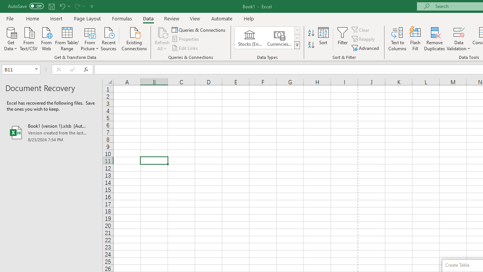 This screenshot has width=483, height=272. What do you see at coordinates (29, 38) in the screenshot?
I see `'From Text/CSV'` at bounding box center [29, 38].